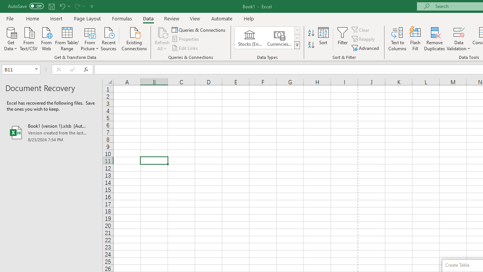 This screenshot has width=483, height=272. What do you see at coordinates (29, 38) in the screenshot?
I see `'From Text/CSV'` at bounding box center [29, 38].